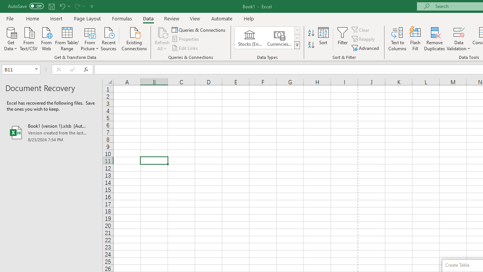 This screenshot has width=483, height=272. What do you see at coordinates (29, 38) in the screenshot?
I see `'From Text/CSV'` at bounding box center [29, 38].